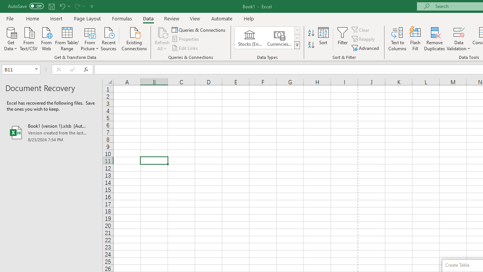 This screenshot has width=483, height=272. What do you see at coordinates (29, 38) in the screenshot?
I see `'From Text/CSV'` at bounding box center [29, 38].